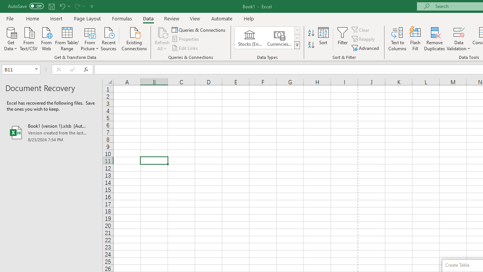 This screenshot has width=483, height=272. What do you see at coordinates (29, 38) in the screenshot?
I see `'From Text/CSV'` at bounding box center [29, 38].